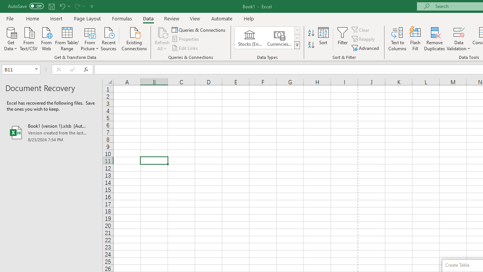 This screenshot has width=483, height=272. What do you see at coordinates (29, 38) in the screenshot?
I see `'From Text/CSV'` at bounding box center [29, 38].